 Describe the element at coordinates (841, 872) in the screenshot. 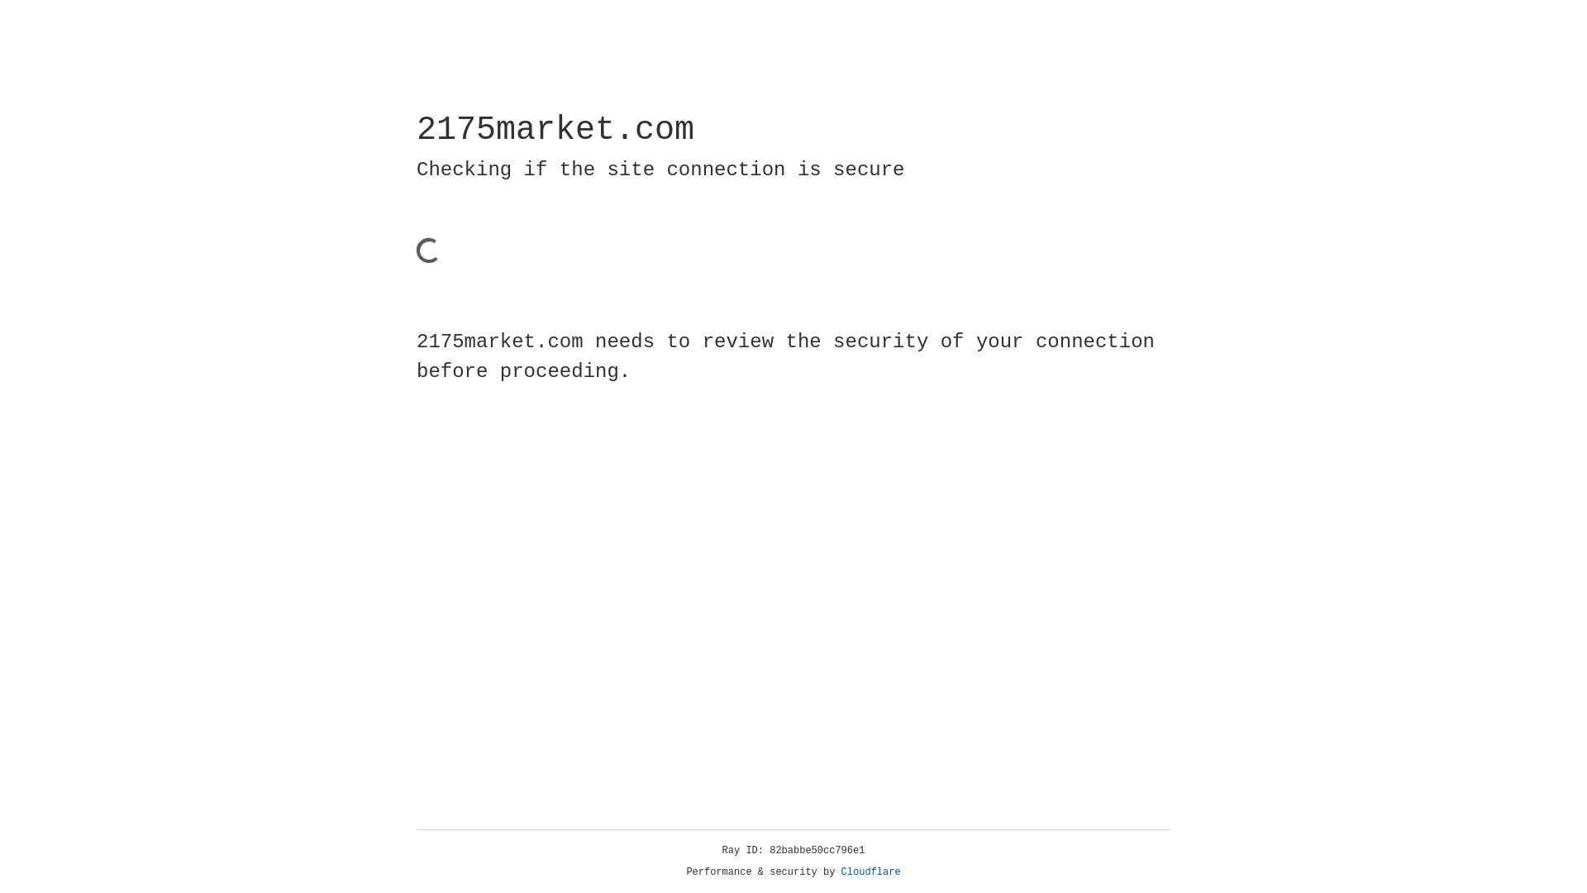

I see `'Cloudflare'` at that location.